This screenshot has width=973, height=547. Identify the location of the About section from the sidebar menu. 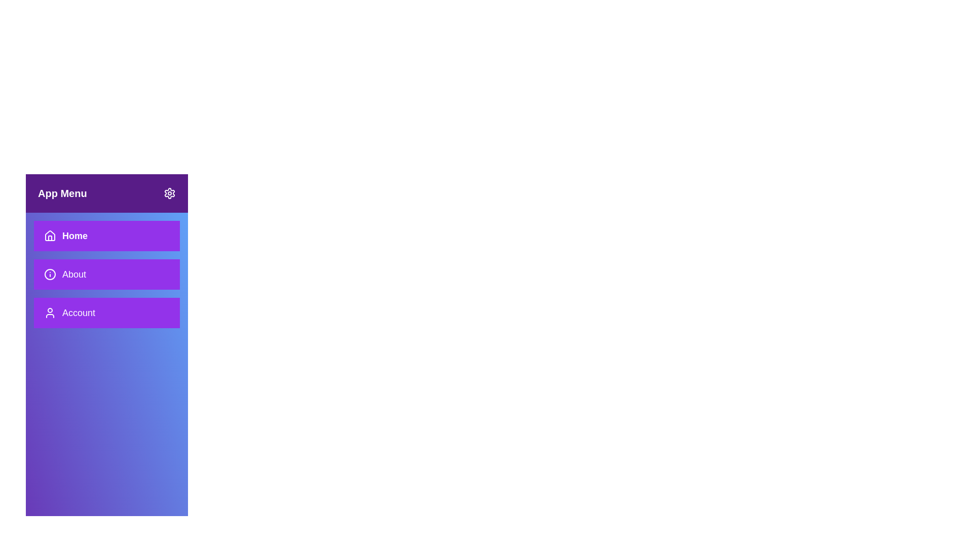
(107, 275).